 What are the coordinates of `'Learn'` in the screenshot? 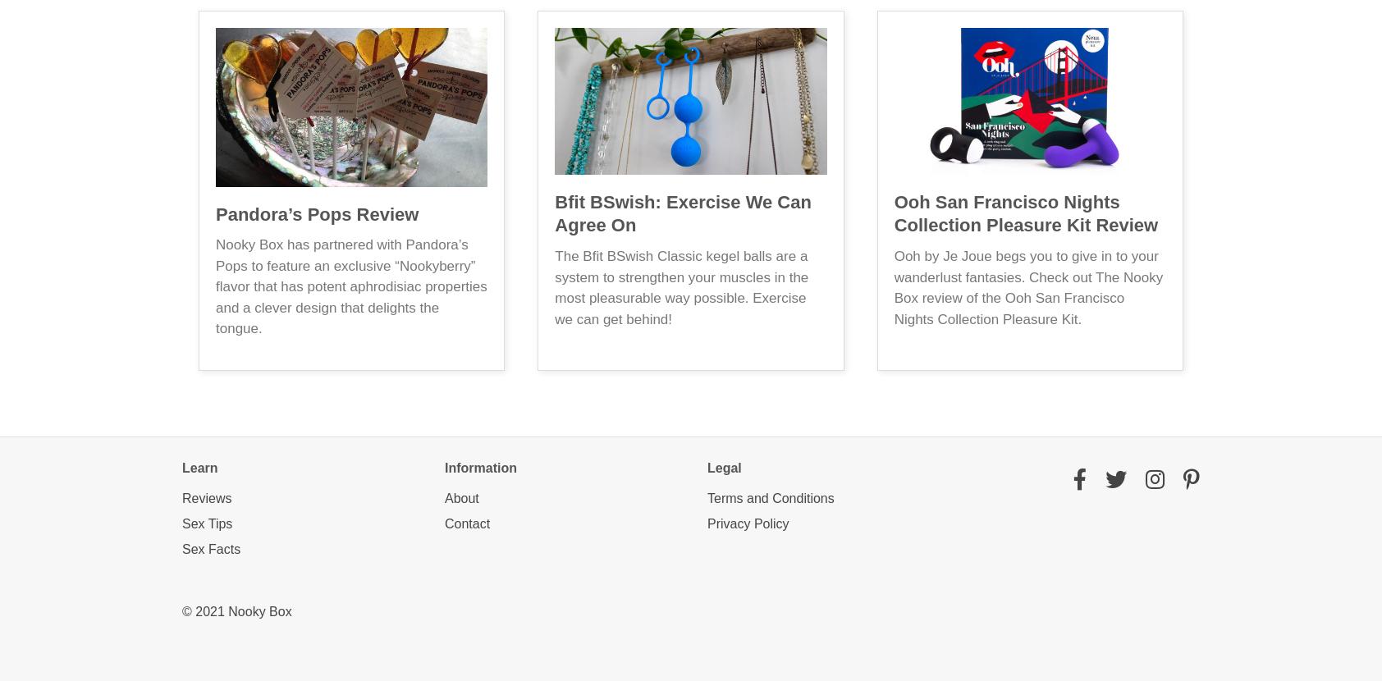 It's located at (181, 466).